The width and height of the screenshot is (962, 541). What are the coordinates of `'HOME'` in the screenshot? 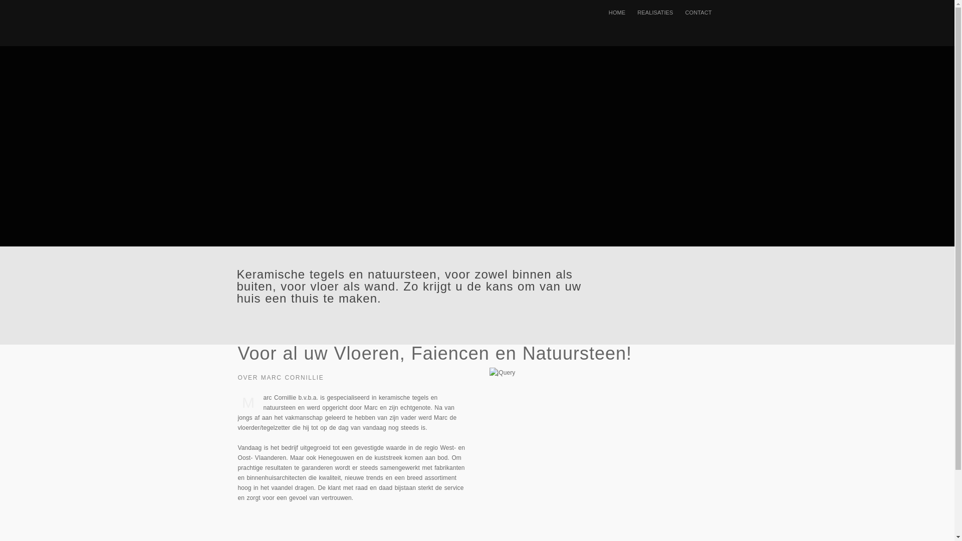 It's located at (616, 12).